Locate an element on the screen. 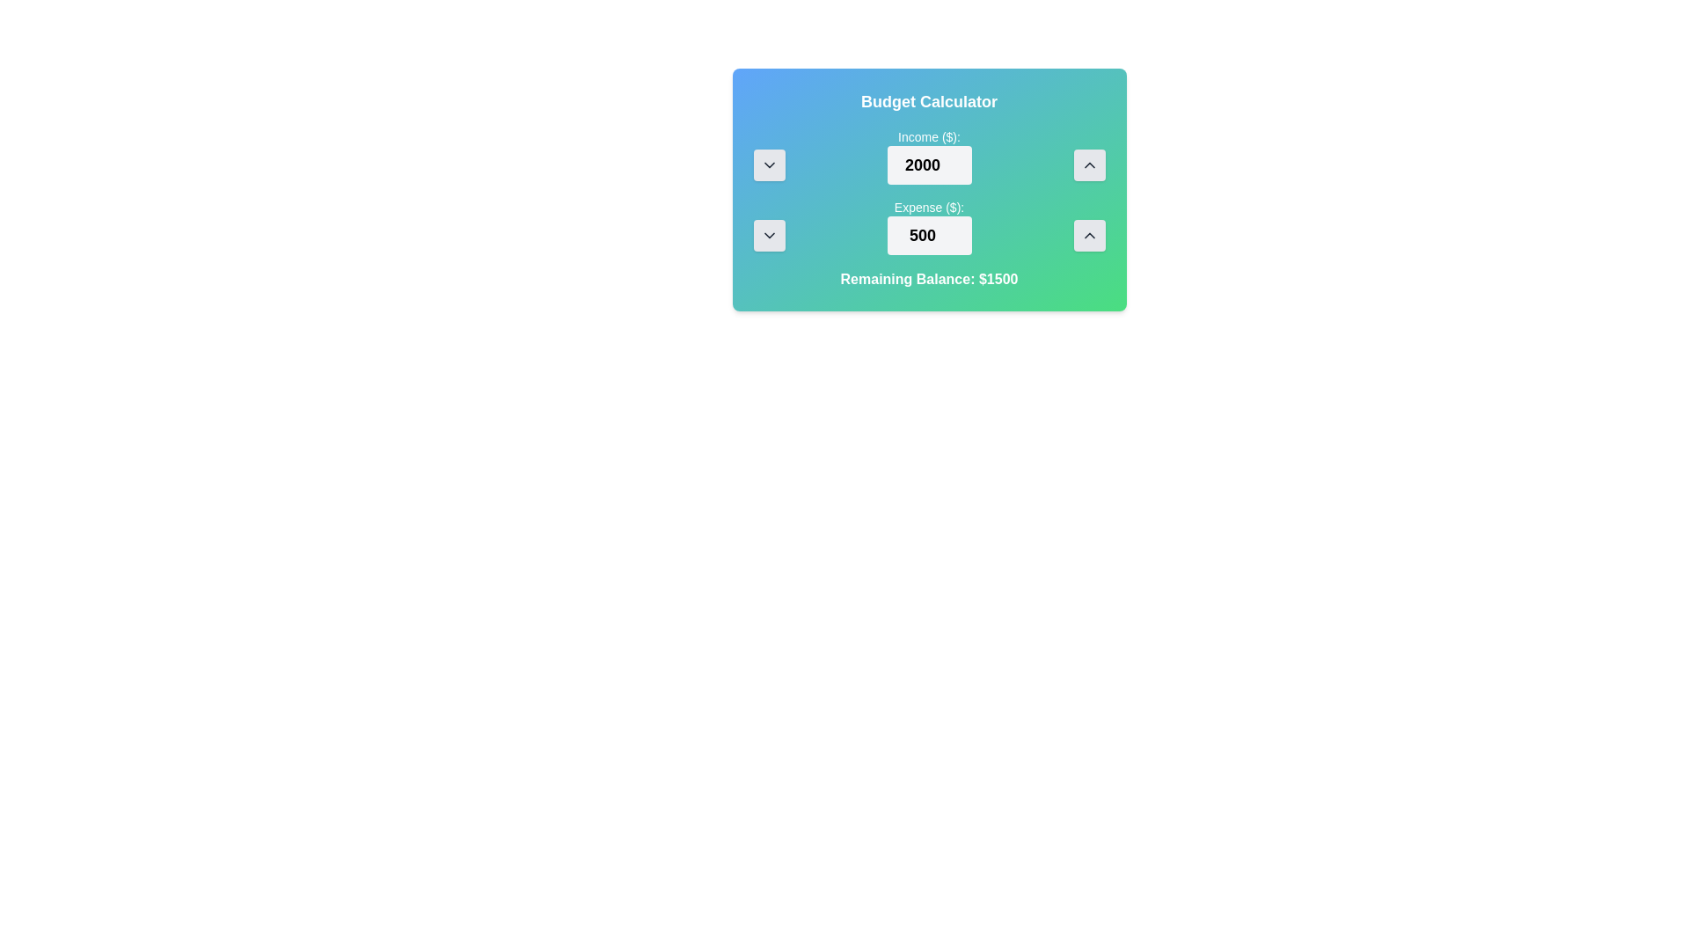 The height and width of the screenshot is (950, 1689). the downward-pointing chevron icon inside the rounded light gray button is located at coordinates (769, 234).